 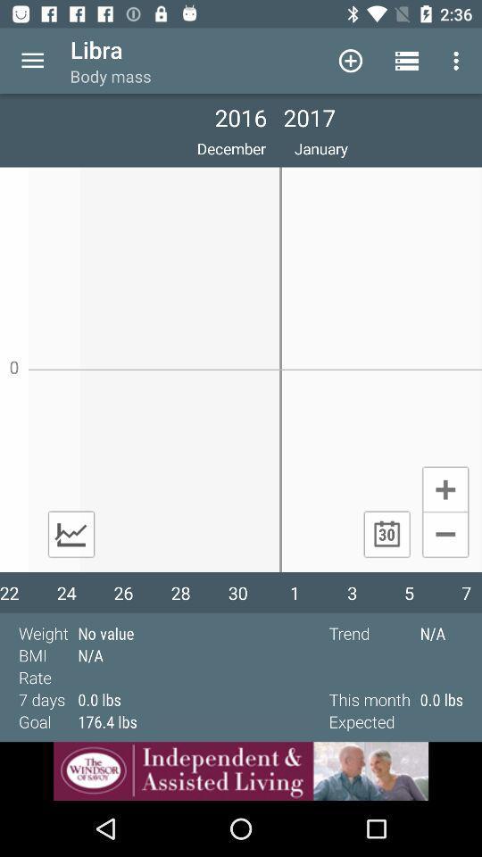 What do you see at coordinates (71, 534) in the screenshot?
I see `the email icon` at bounding box center [71, 534].